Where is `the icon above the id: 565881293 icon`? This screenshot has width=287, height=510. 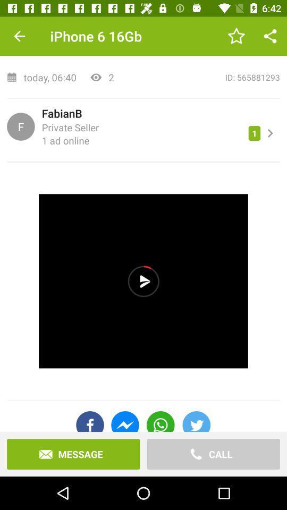 the icon above the id: 565881293 icon is located at coordinates (270, 36).